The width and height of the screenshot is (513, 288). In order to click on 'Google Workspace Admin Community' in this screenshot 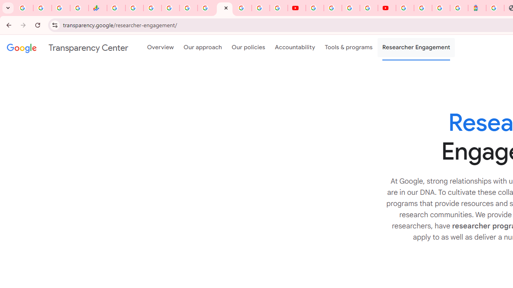, I will do `click(24, 8)`.